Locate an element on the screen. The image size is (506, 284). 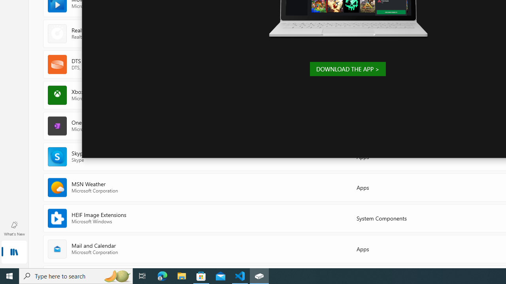
'Microsoft Store - 1 running window' is located at coordinates (201, 275).